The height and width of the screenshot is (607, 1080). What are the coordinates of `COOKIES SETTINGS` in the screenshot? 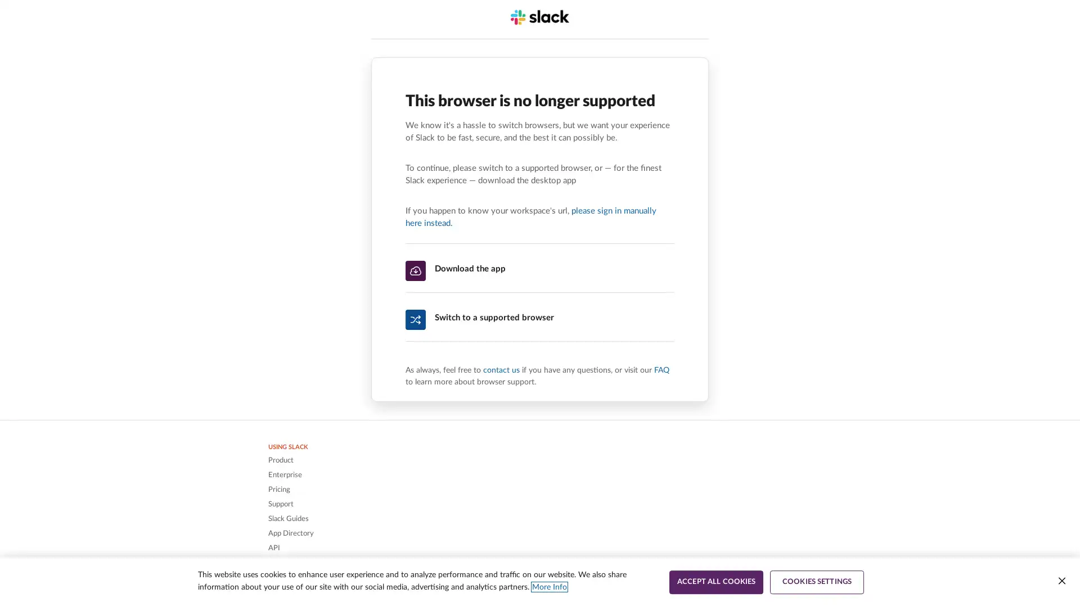 It's located at (817, 582).